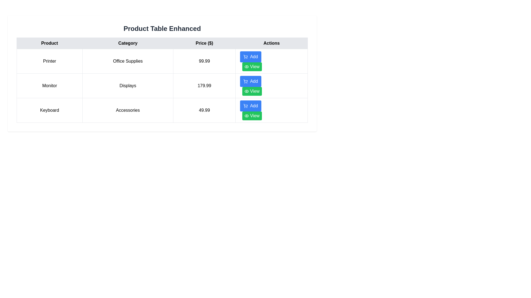 Image resolution: width=531 pixels, height=298 pixels. Describe the element at coordinates (50, 110) in the screenshot. I see `the Text Label identifying the product category in the table, located in the third row and first column, directly under 'Monitor'` at that location.